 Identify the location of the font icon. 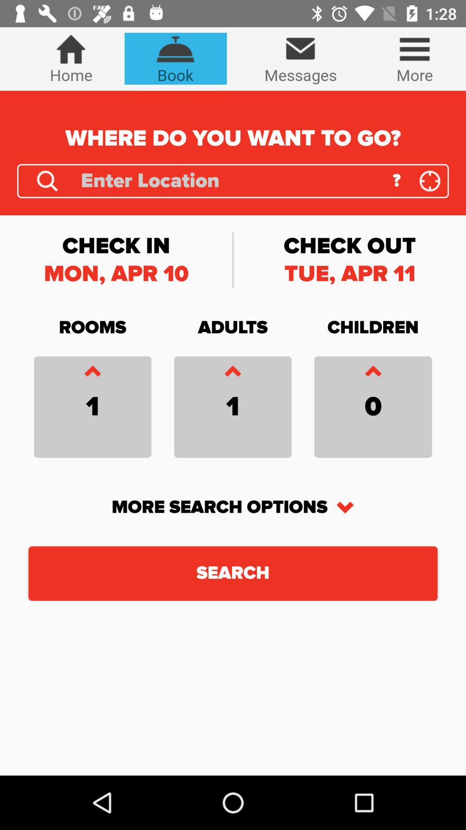
(372, 373).